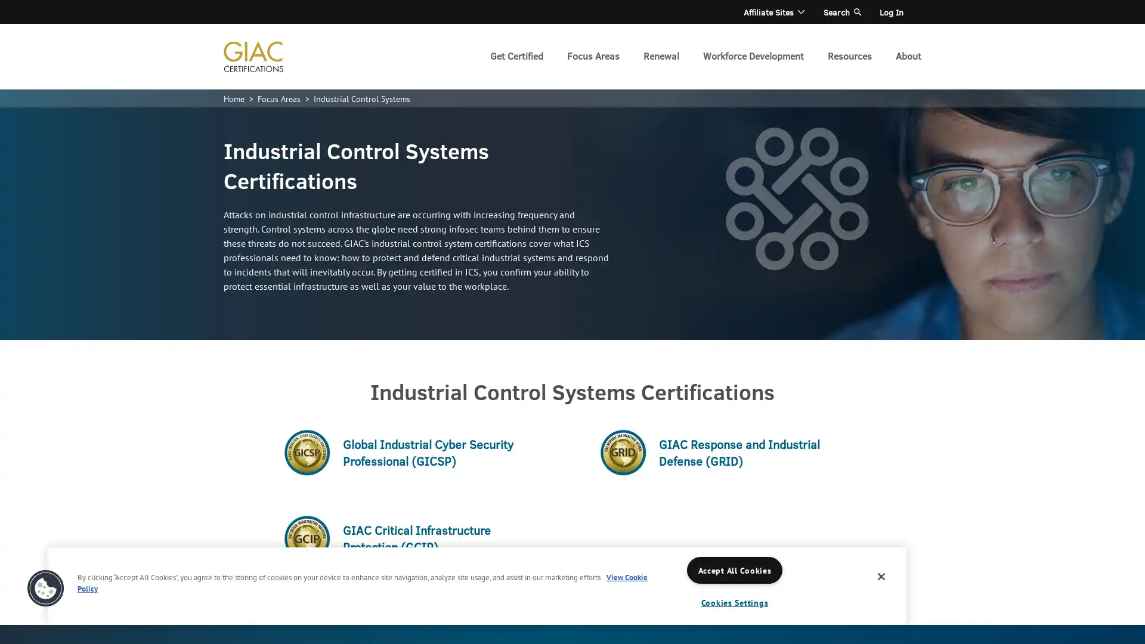  Describe the element at coordinates (881, 576) in the screenshot. I see `Close` at that location.